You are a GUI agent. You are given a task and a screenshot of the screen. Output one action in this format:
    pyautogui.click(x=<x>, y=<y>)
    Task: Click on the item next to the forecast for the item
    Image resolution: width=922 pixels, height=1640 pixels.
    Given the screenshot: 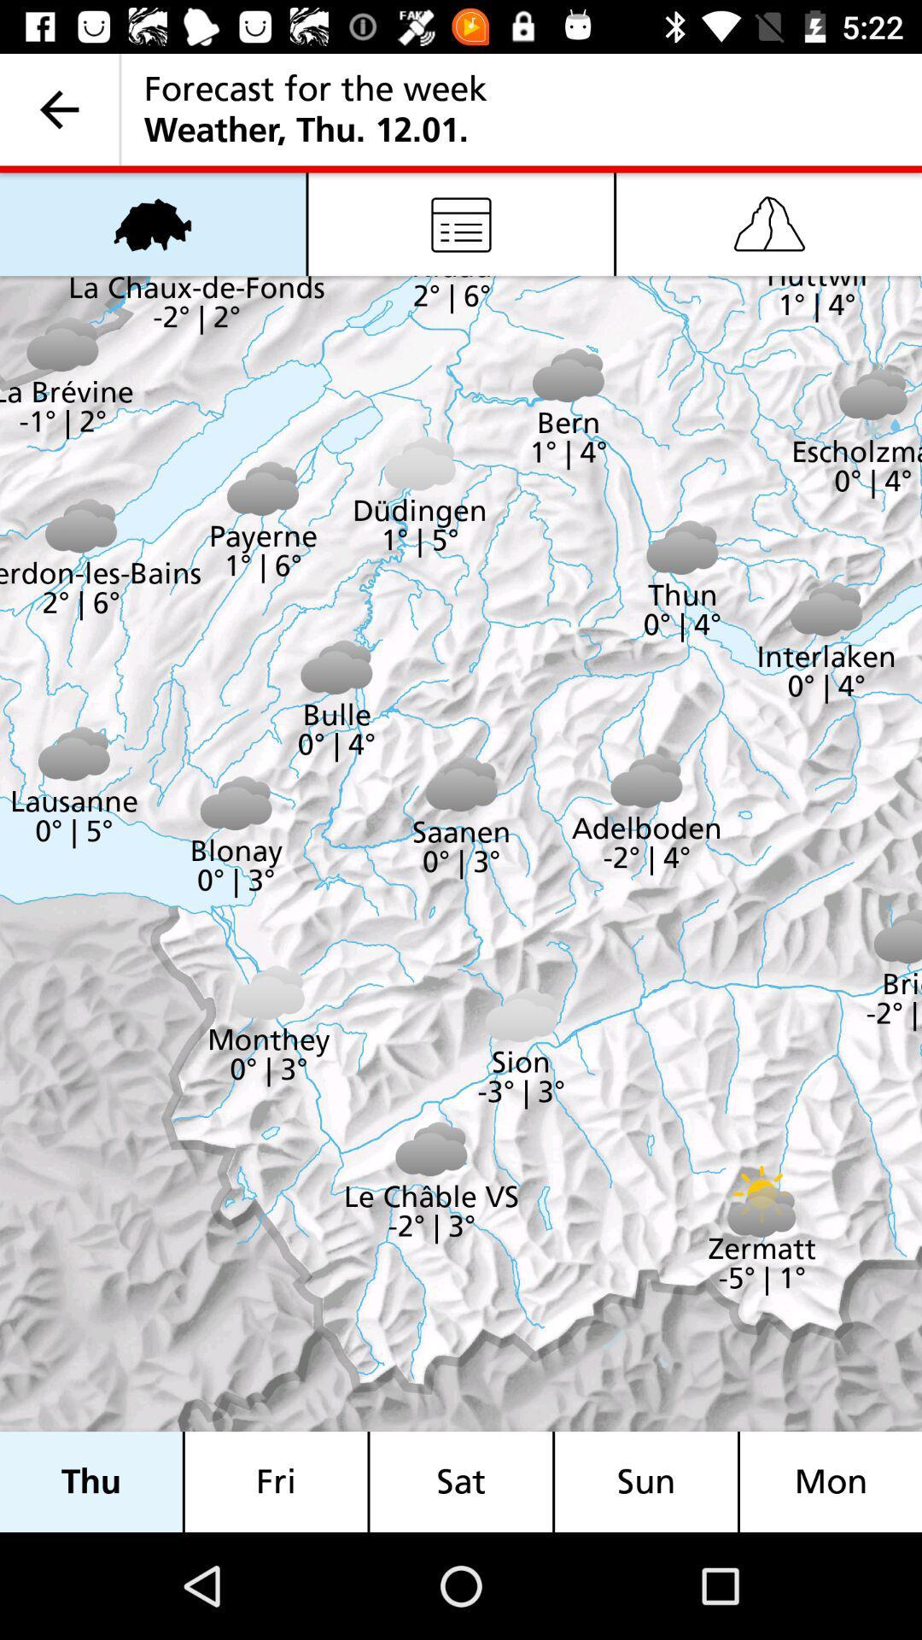 What is the action you would take?
    pyautogui.click(x=58, y=108)
    